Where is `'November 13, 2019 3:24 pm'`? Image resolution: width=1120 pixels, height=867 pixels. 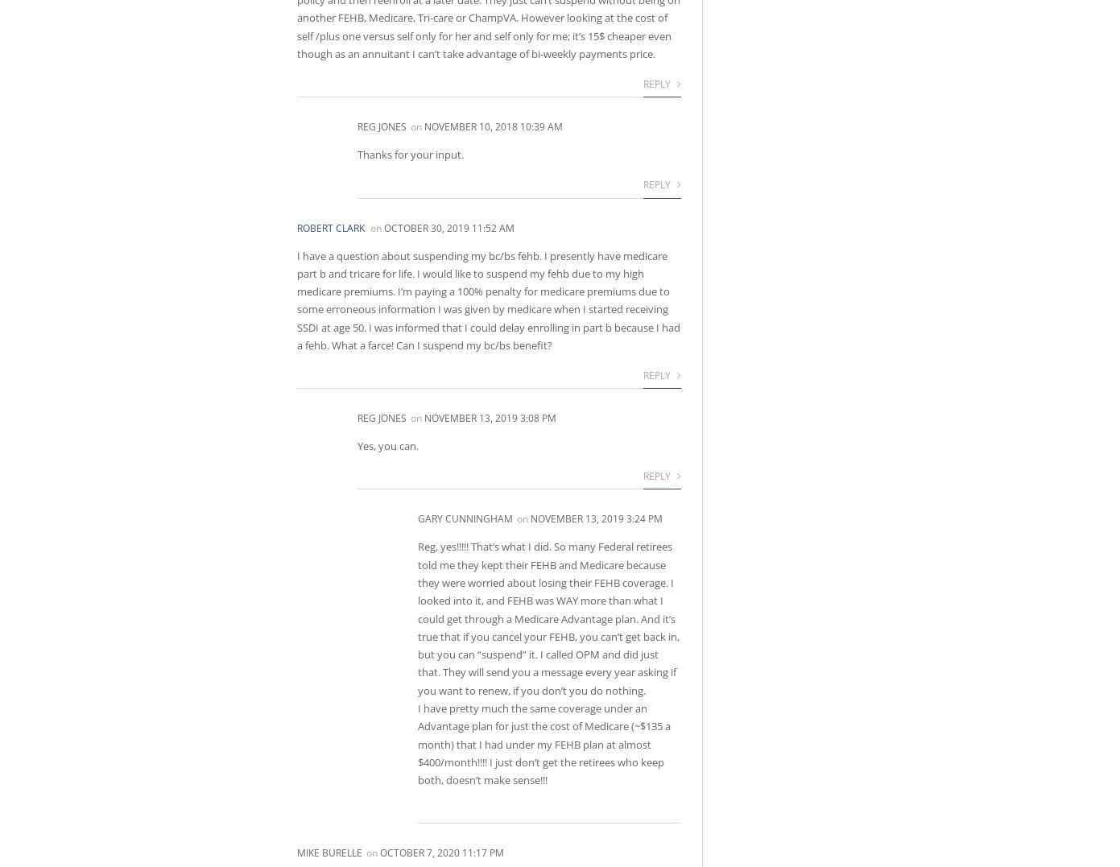 'November 13, 2019 3:24 pm' is located at coordinates (595, 518).